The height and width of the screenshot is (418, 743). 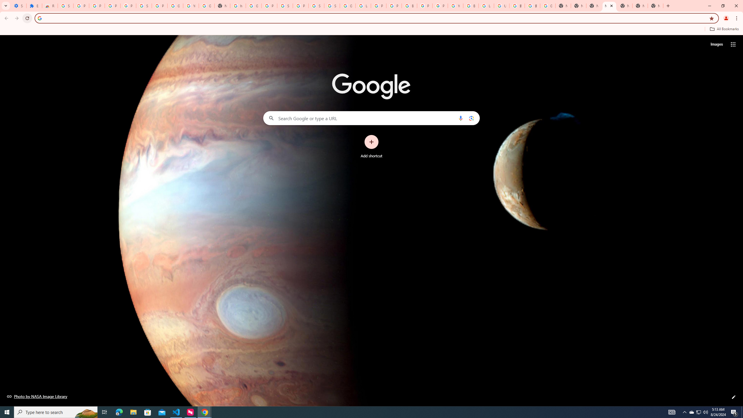 I want to click on 'YouTube', so click(x=455, y=6).